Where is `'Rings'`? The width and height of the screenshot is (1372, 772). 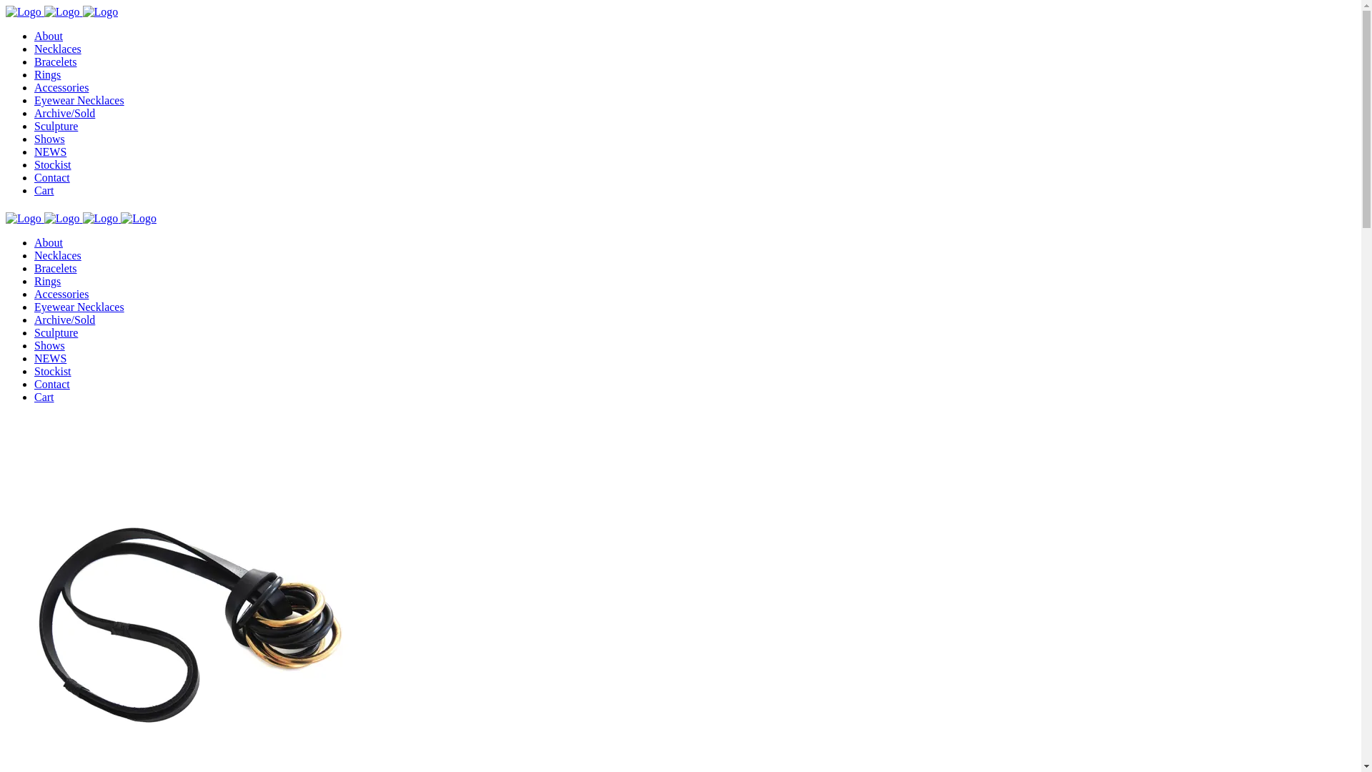
'Rings' is located at coordinates (34, 281).